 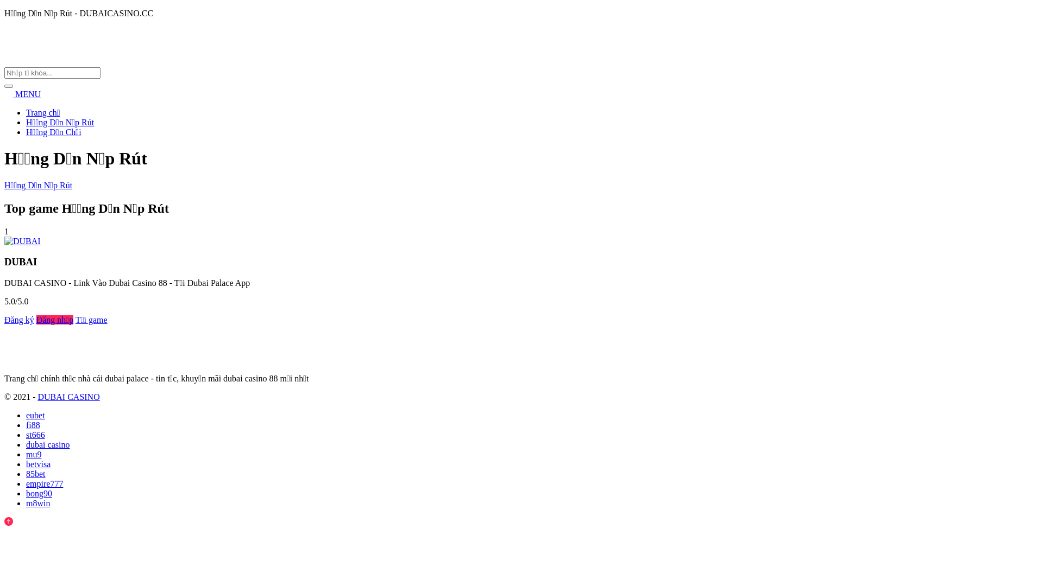 I want to click on 'fi88', so click(x=26, y=424).